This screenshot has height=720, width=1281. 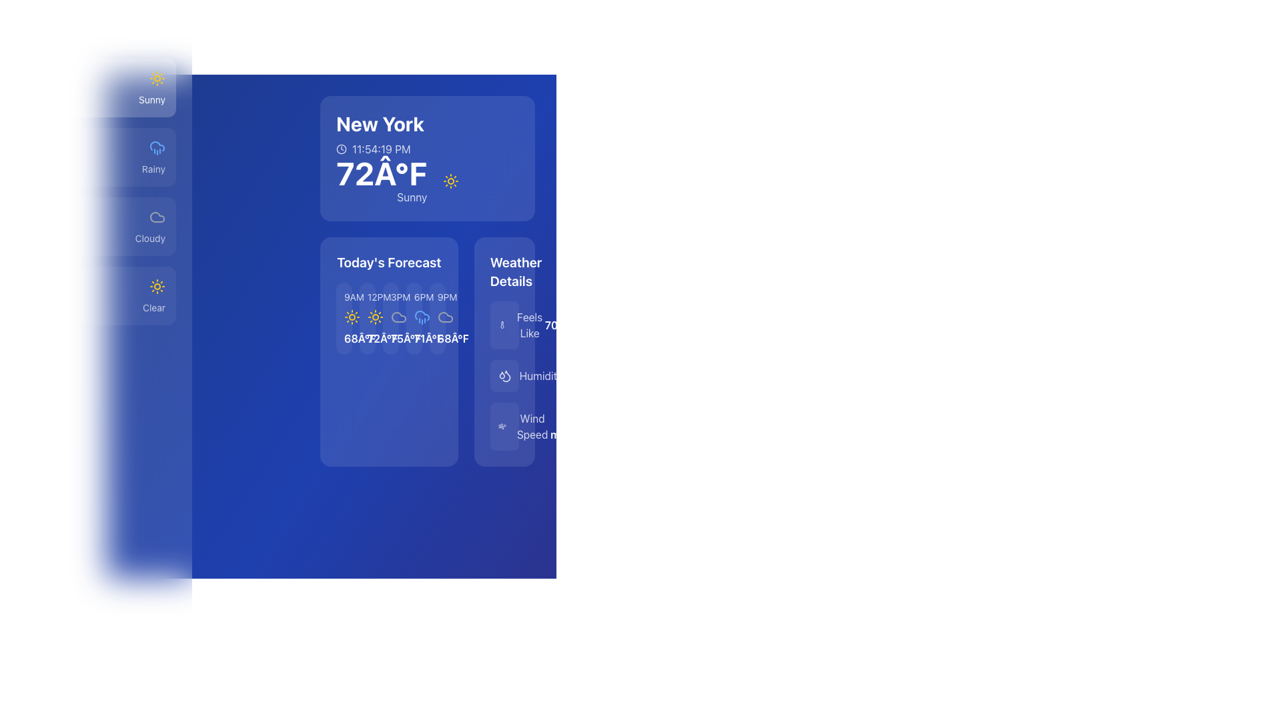 I want to click on weather forecast information display card located in the 'Today's Forecast' section, featuring '9AM', a sun icon, and '68°F' at the bottom, so click(x=344, y=319).